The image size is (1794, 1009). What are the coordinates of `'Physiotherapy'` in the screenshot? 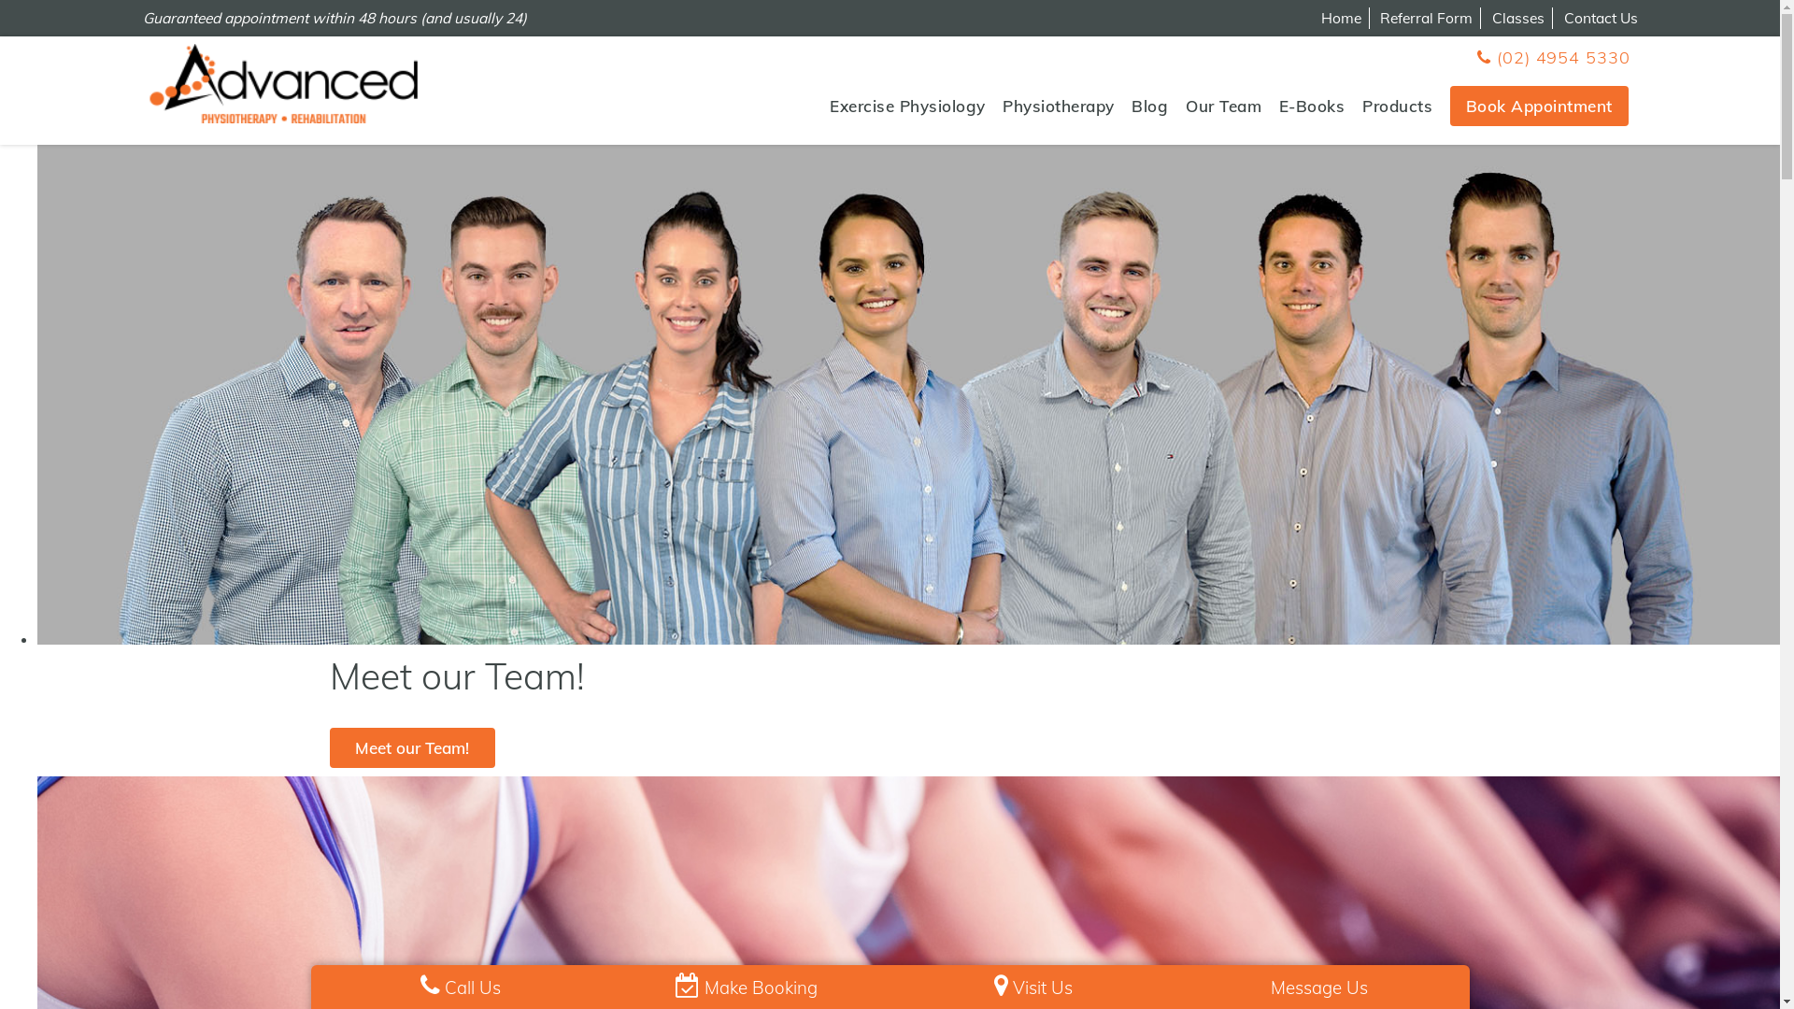 It's located at (1058, 106).